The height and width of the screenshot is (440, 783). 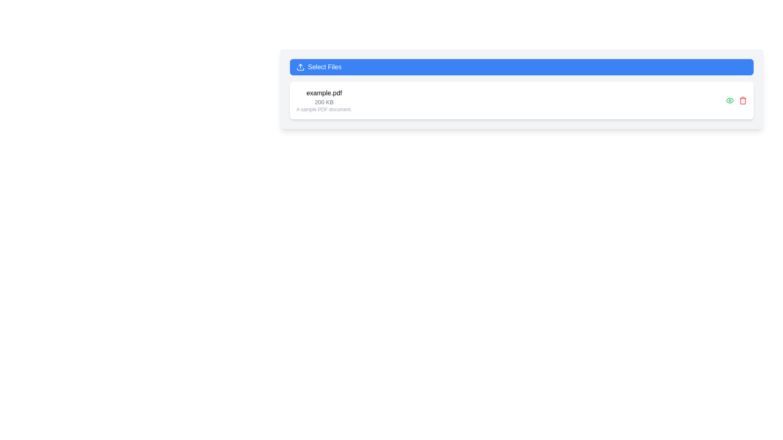 I want to click on keyboard navigation, so click(x=736, y=100).